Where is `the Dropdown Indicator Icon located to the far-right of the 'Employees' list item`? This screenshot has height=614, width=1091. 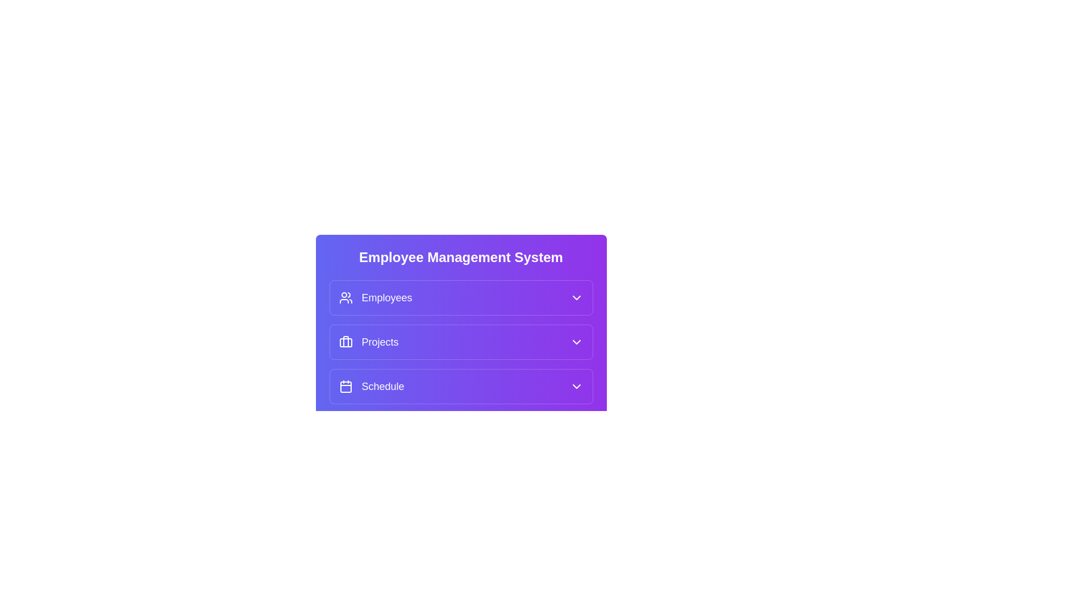 the Dropdown Indicator Icon located to the far-right of the 'Employees' list item is located at coordinates (576, 297).